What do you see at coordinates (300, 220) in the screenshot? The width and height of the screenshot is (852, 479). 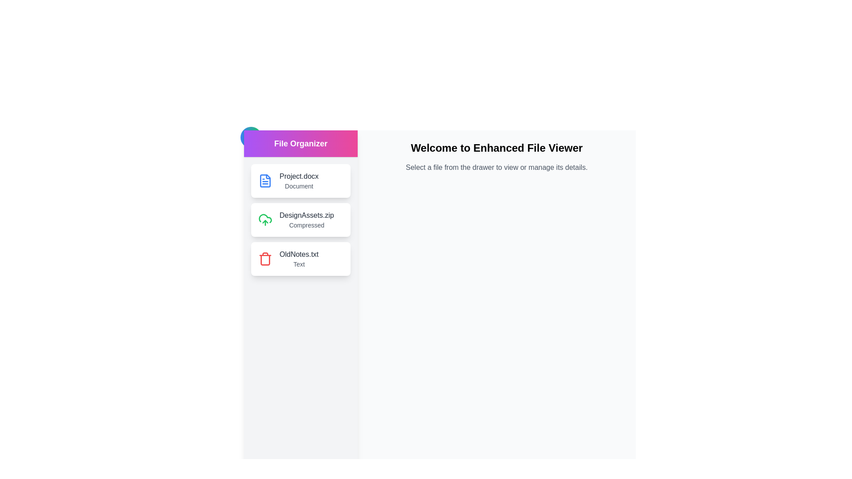 I see `the file DesignAssets.zip from the list` at bounding box center [300, 220].